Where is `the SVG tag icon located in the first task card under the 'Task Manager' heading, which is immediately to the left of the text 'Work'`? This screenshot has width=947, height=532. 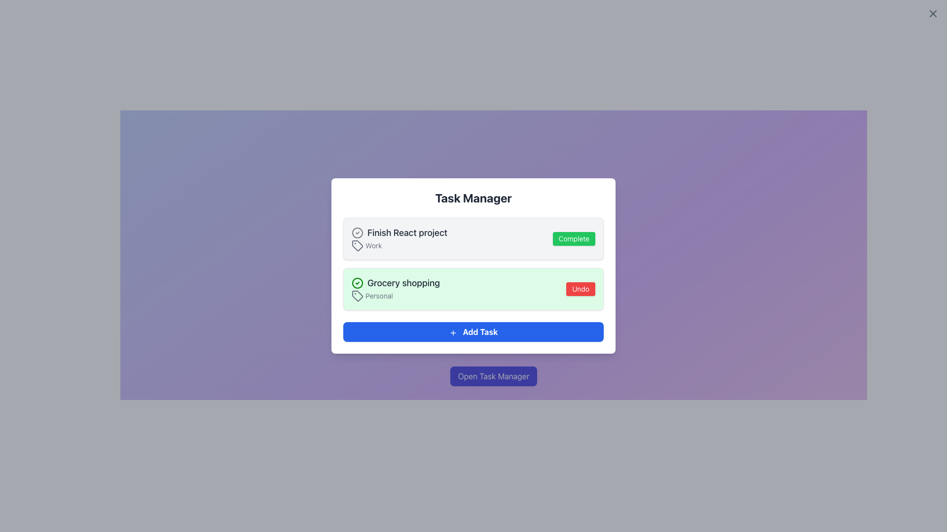
the SVG tag icon located in the first task card under the 'Task Manager' heading, which is immediately to the left of the text 'Work' is located at coordinates (357, 245).